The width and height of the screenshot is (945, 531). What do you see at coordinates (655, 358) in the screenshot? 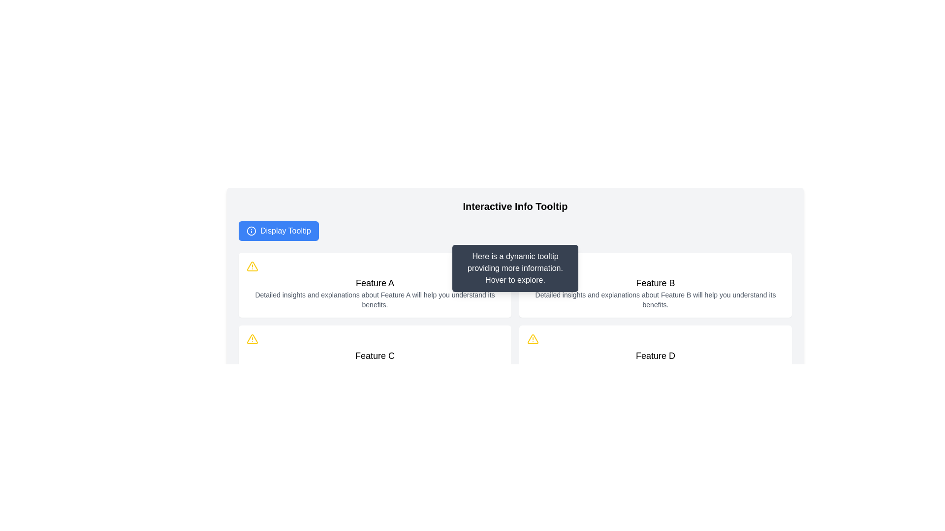
I see `the Informational Card labeled 'Feature D' which is styled with a bold title and a detailed description, located in the second row, second column of the grid layout` at bounding box center [655, 358].